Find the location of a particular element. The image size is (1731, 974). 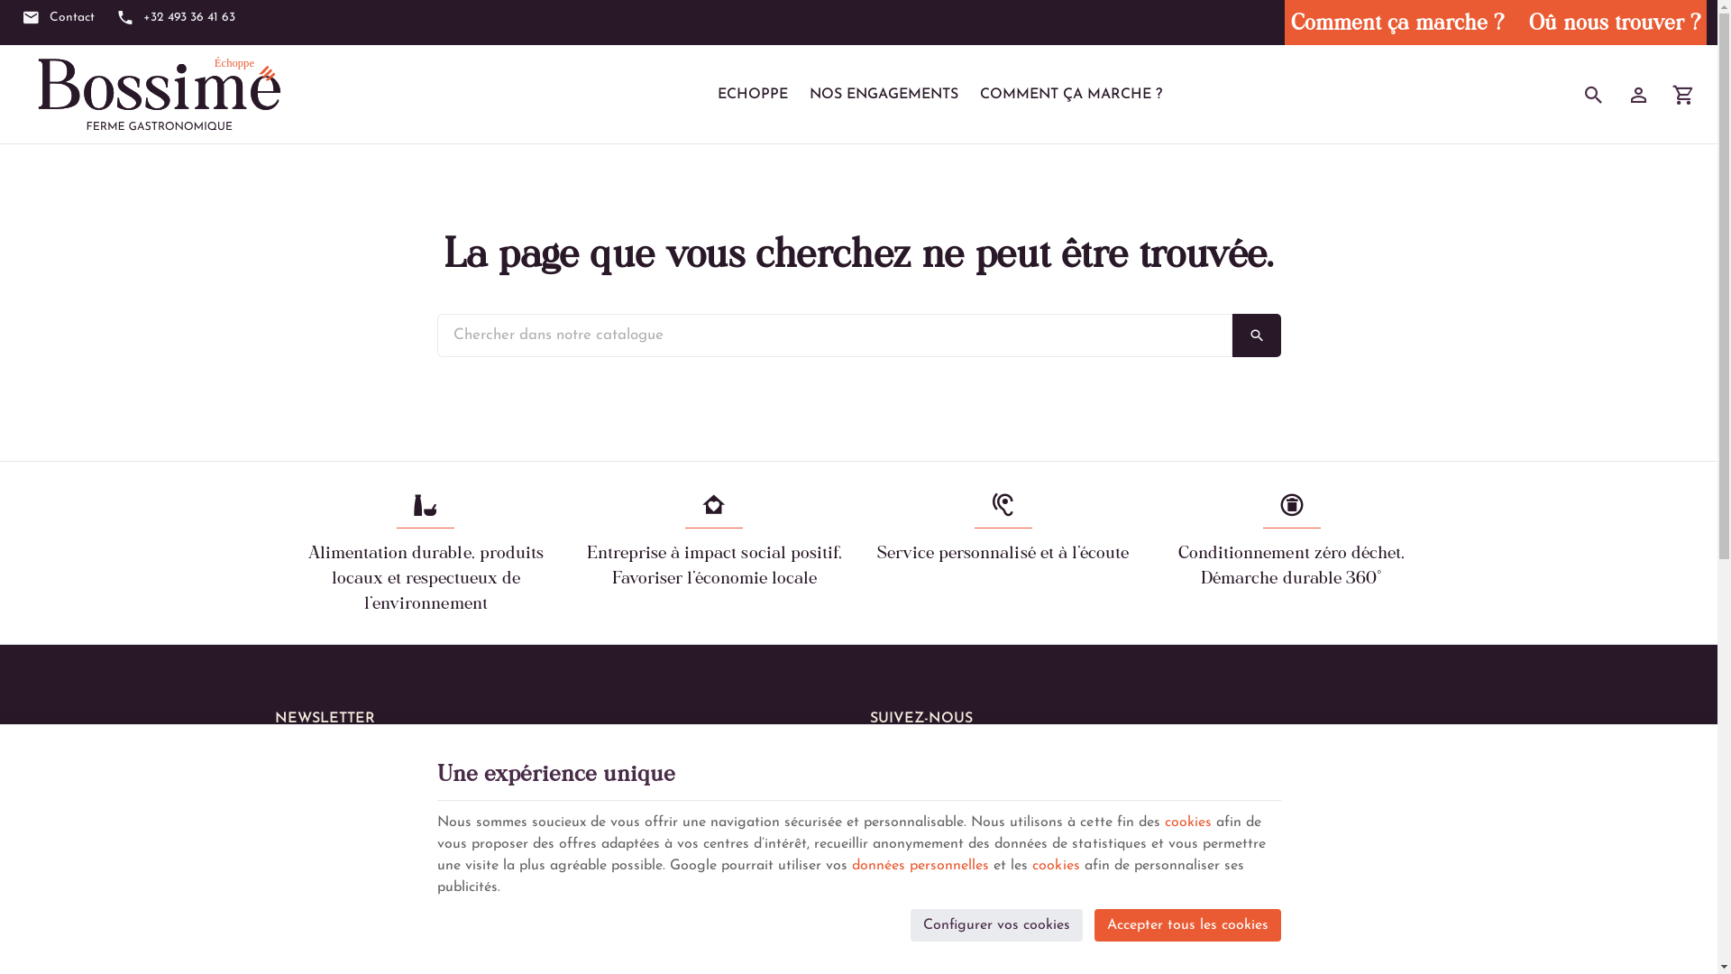

'NOS ENGAGEMENTS' is located at coordinates (884, 94).